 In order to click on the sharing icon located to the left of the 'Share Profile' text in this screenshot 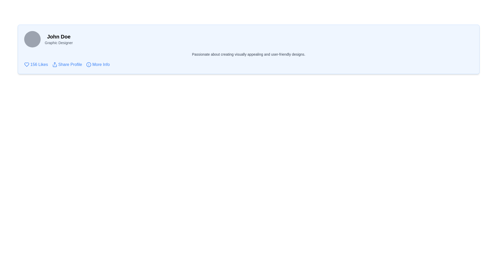, I will do `click(55, 64)`.